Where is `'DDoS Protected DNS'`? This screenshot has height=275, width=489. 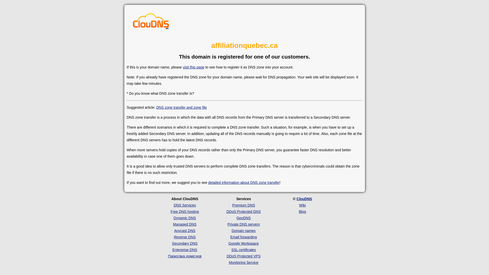
'DDoS Protected DNS' is located at coordinates (243, 211).